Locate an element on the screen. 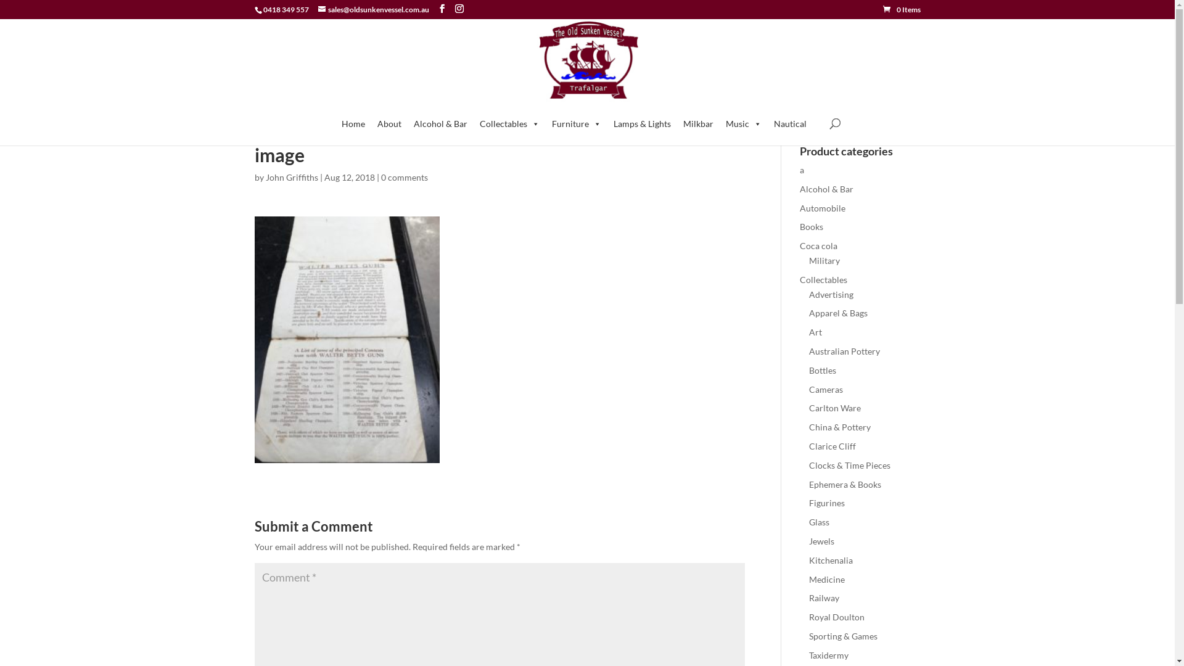 This screenshot has height=666, width=1184. 'Art' is located at coordinates (808, 331).